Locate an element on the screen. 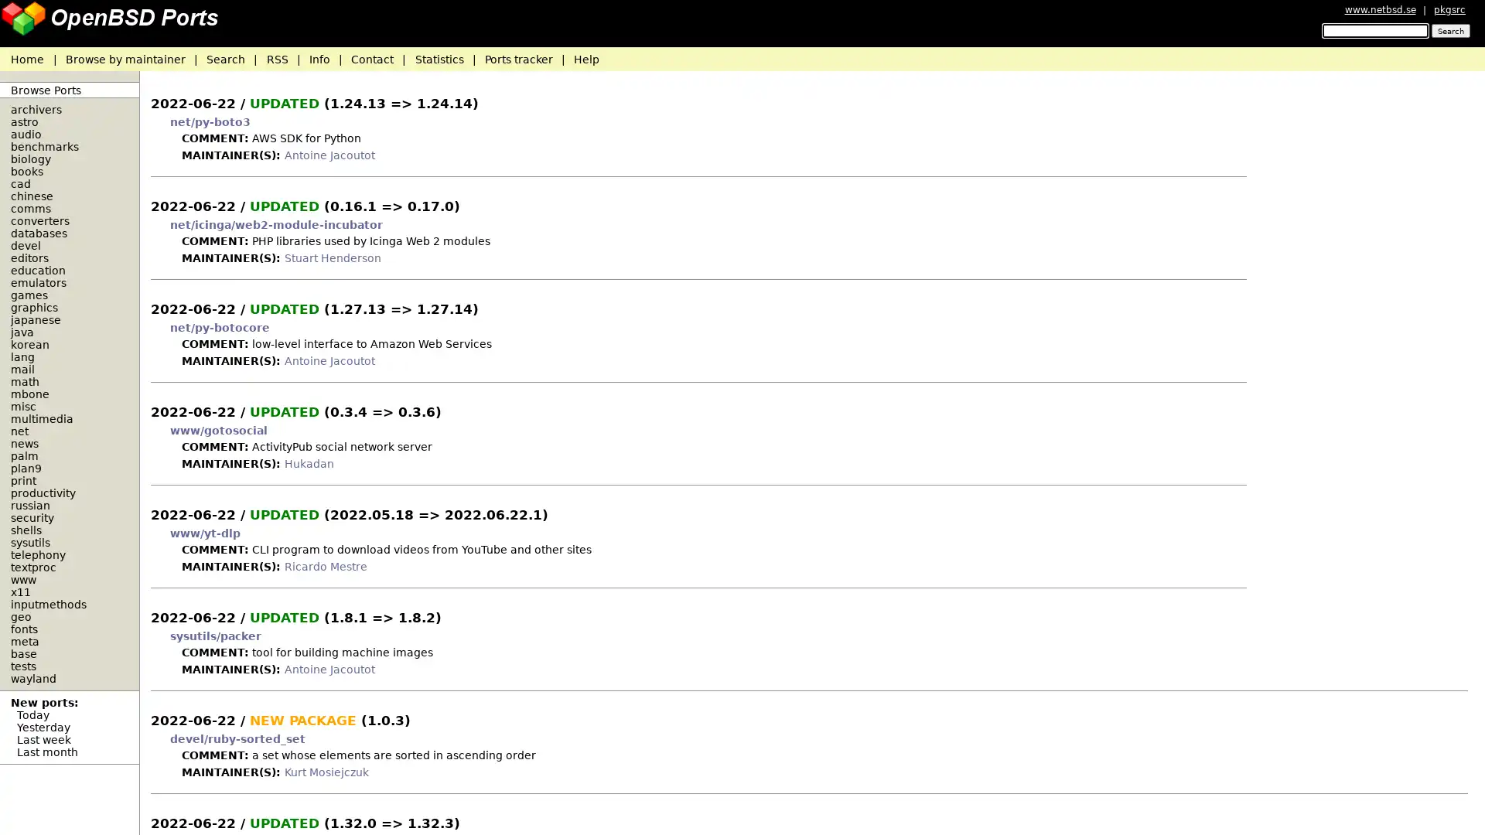  Search is located at coordinates (1449, 30).